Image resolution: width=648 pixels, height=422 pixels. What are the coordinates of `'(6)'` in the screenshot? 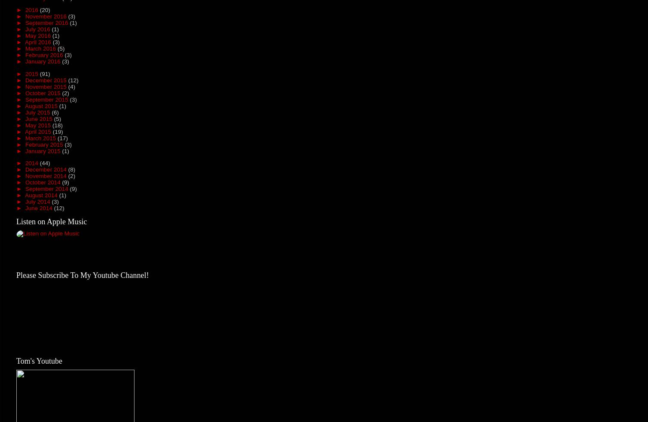 It's located at (55, 112).